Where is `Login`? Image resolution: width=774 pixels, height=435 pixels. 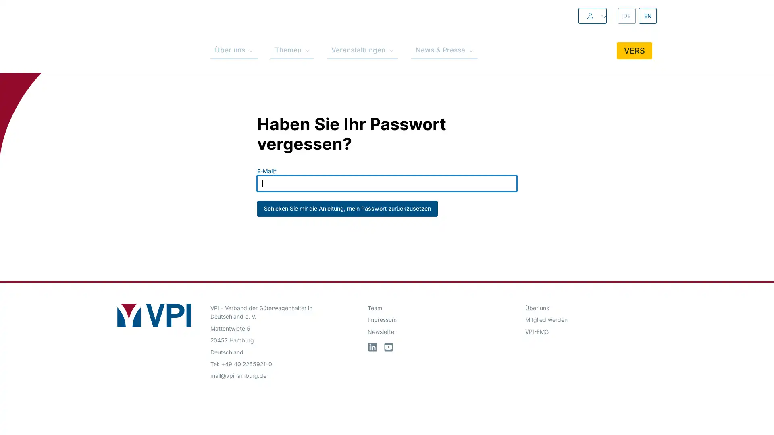
Login is located at coordinates (574, 16).